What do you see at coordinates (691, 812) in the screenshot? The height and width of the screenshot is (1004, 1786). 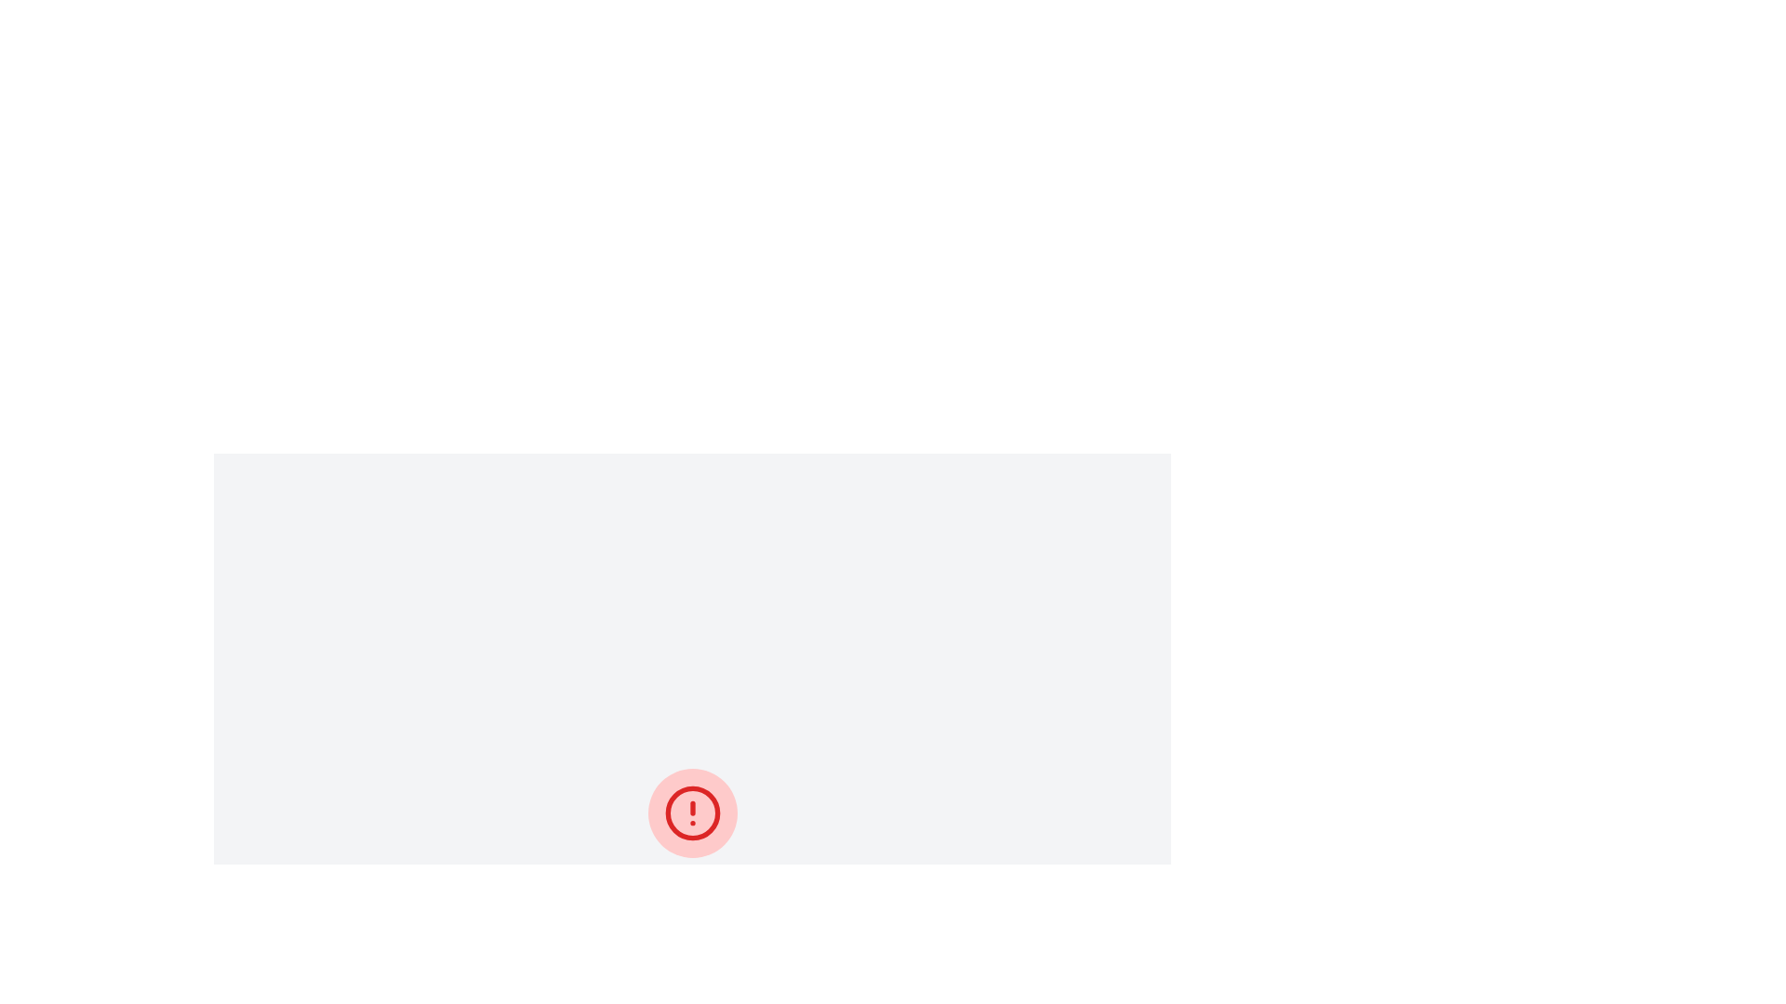 I see `the circular graphical element that is part of a visual alert or warning icon, located at the bottom-center of the interface` at bounding box center [691, 812].